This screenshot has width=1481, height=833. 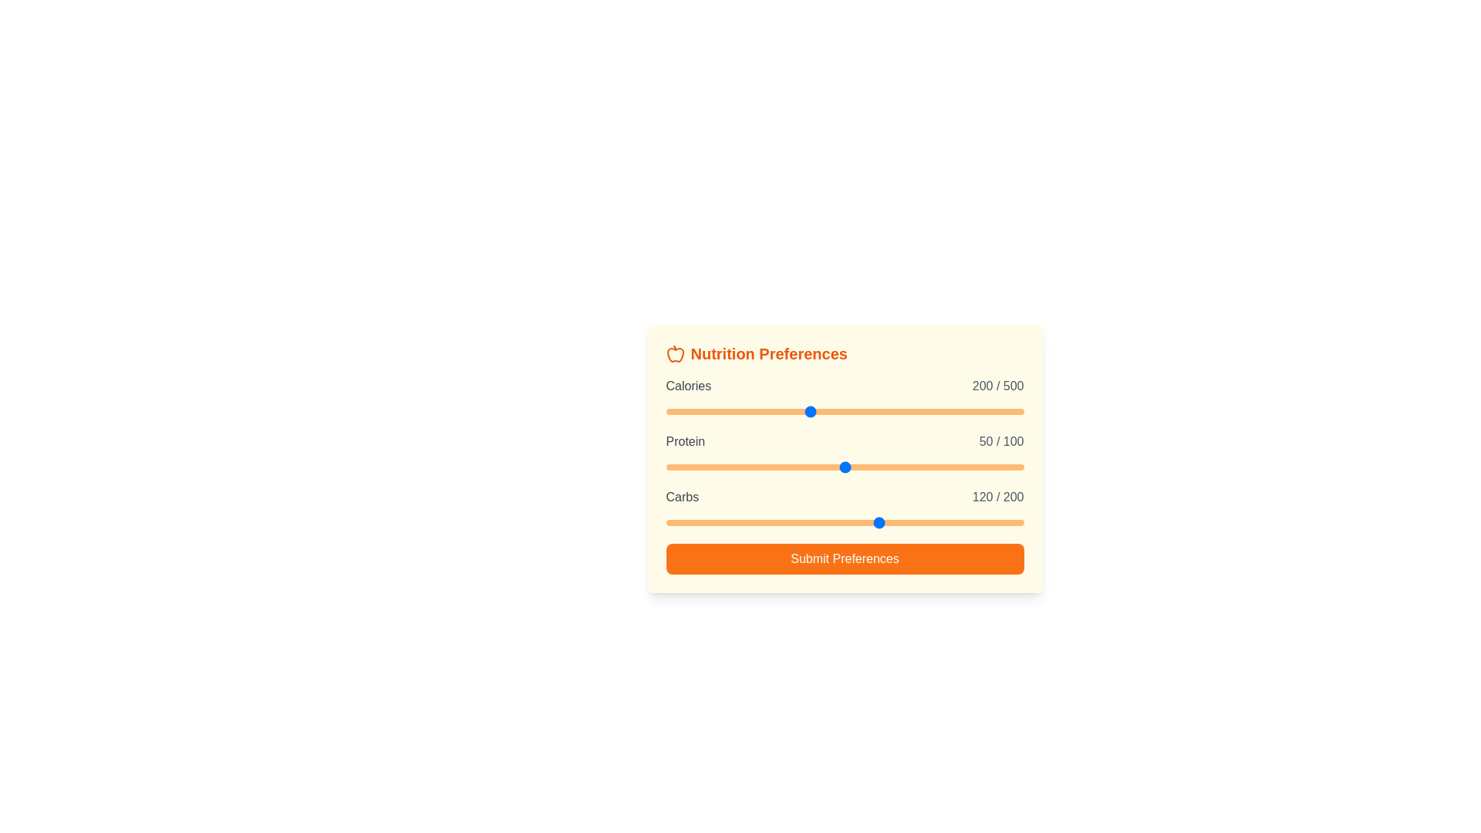 I want to click on the caloric value, so click(x=782, y=410).